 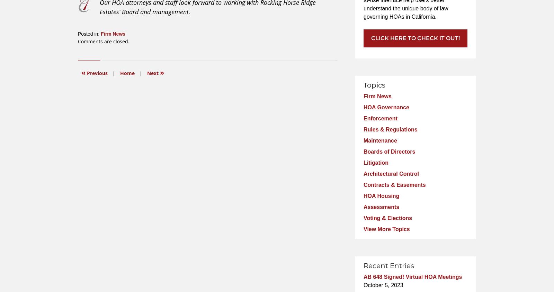 I want to click on 'Voting & Elections', so click(x=363, y=218).